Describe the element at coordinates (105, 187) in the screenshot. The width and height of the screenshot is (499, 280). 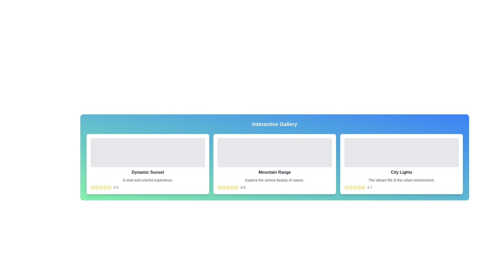
I see `the third yellow star icon in the rating system of the 'Dynamic Sunset' card` at that location.